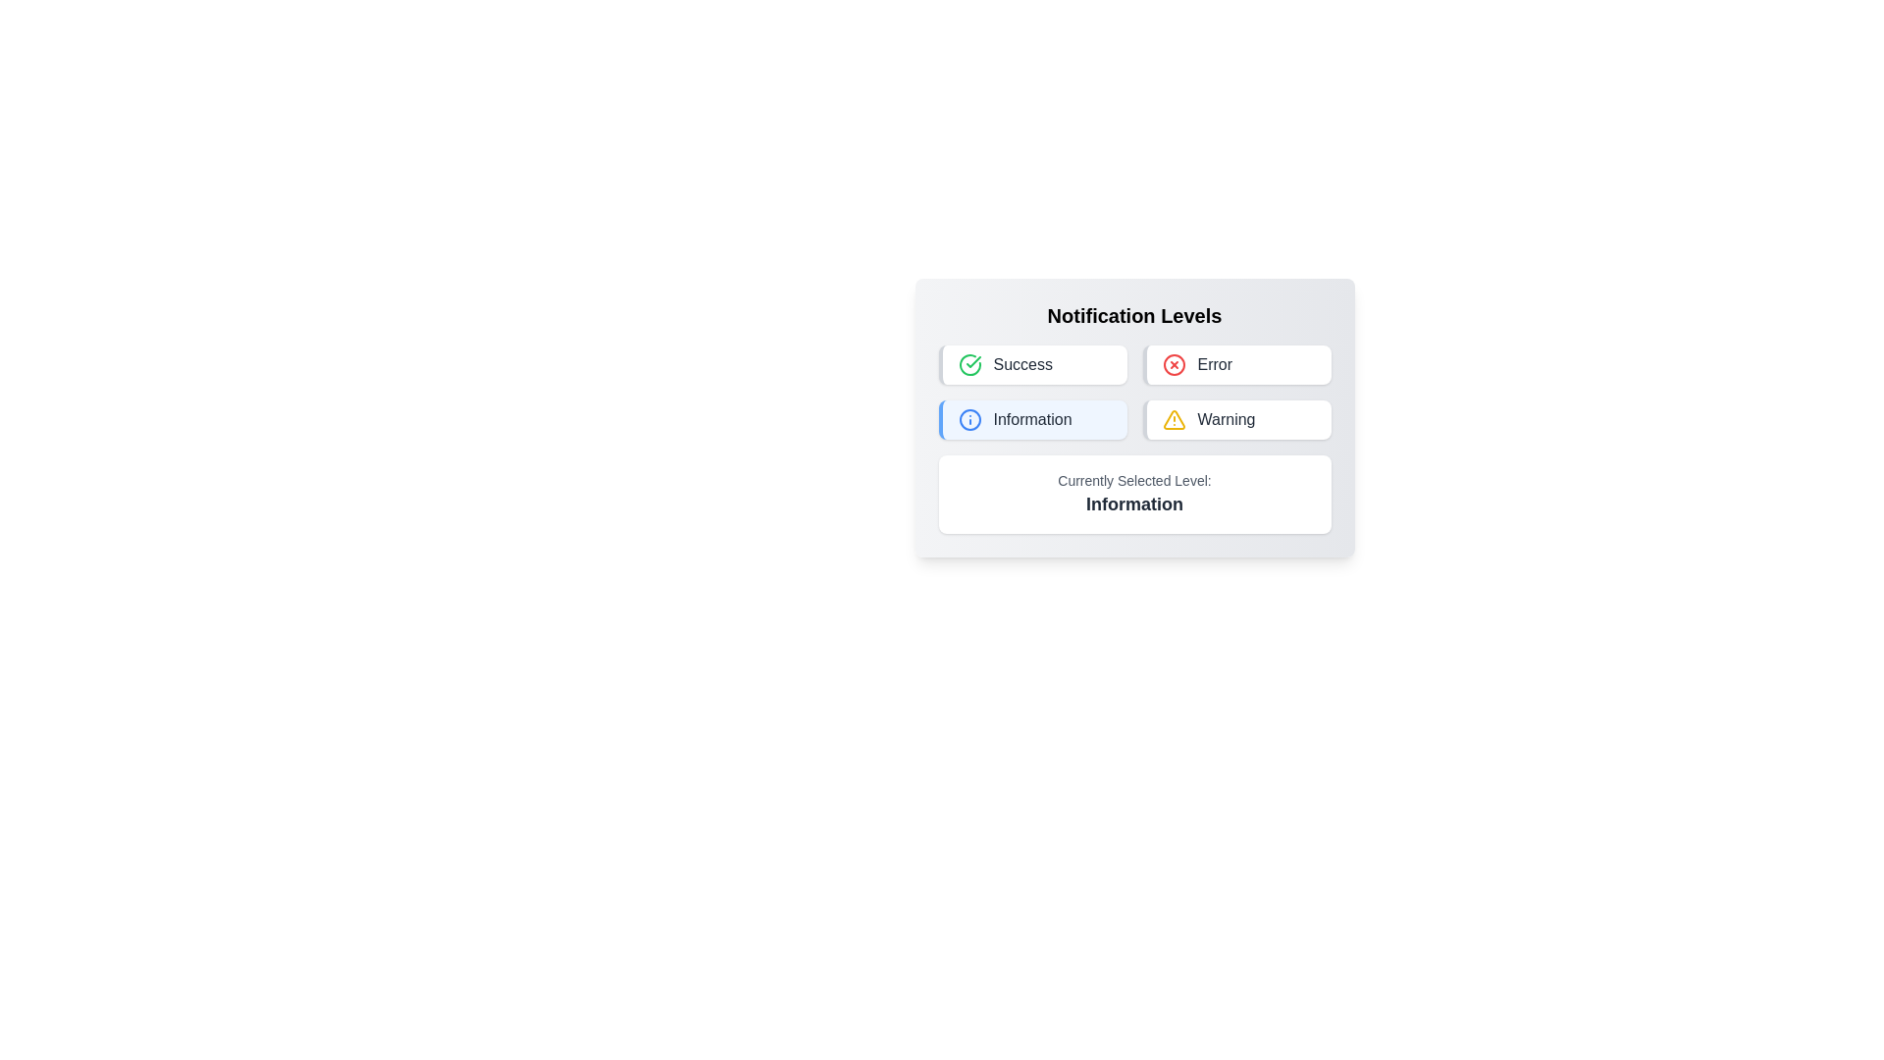 Image resolution: width=1884 pixels, height=1060 pixels. I want to click on the button corresponding to the notification level Success, so click(1031, 364).